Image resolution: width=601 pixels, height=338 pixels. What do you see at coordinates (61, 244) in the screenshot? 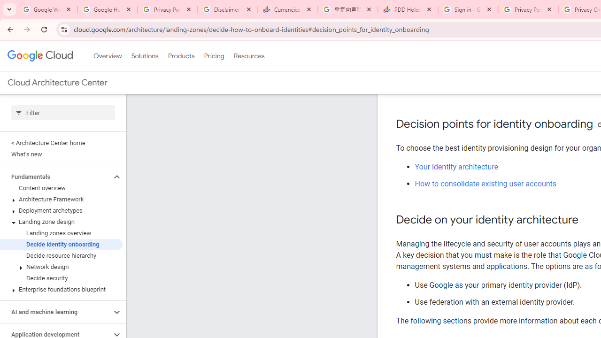
I see `'Decide identity onboarding'` at bounding box center [61, 244].